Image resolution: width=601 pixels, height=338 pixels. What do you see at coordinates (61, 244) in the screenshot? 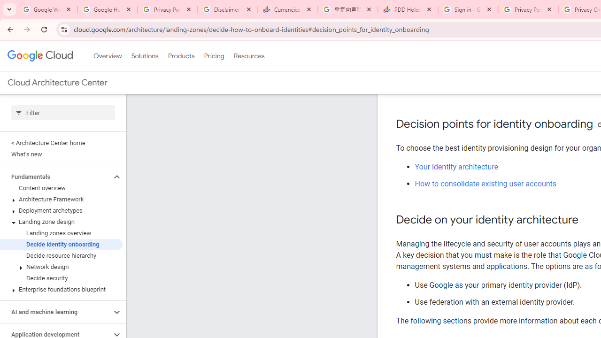
I see `'Decide identity onboarding'` at bounding box center [61, 244].